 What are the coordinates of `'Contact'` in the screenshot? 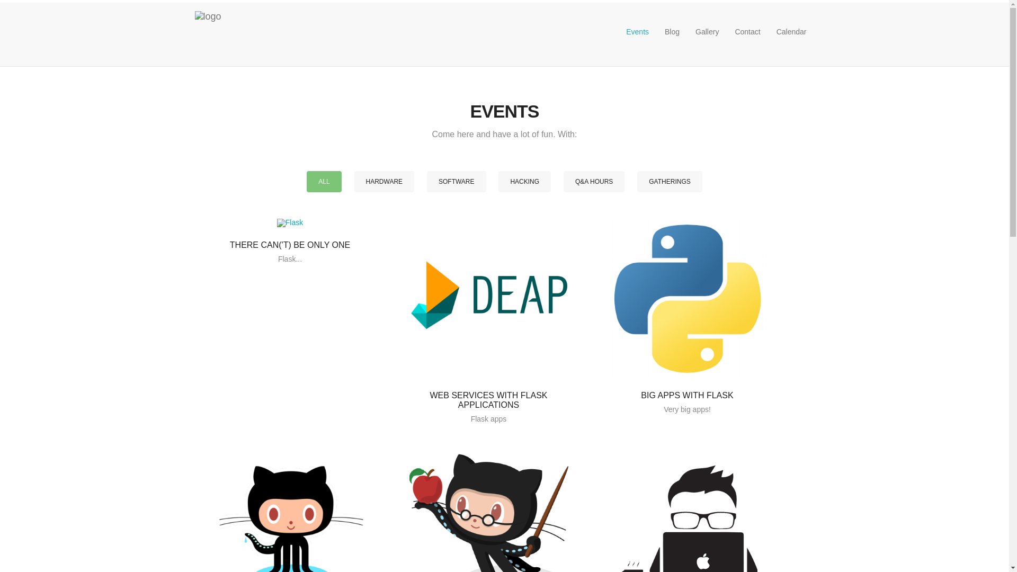 It's located at (747, 31).